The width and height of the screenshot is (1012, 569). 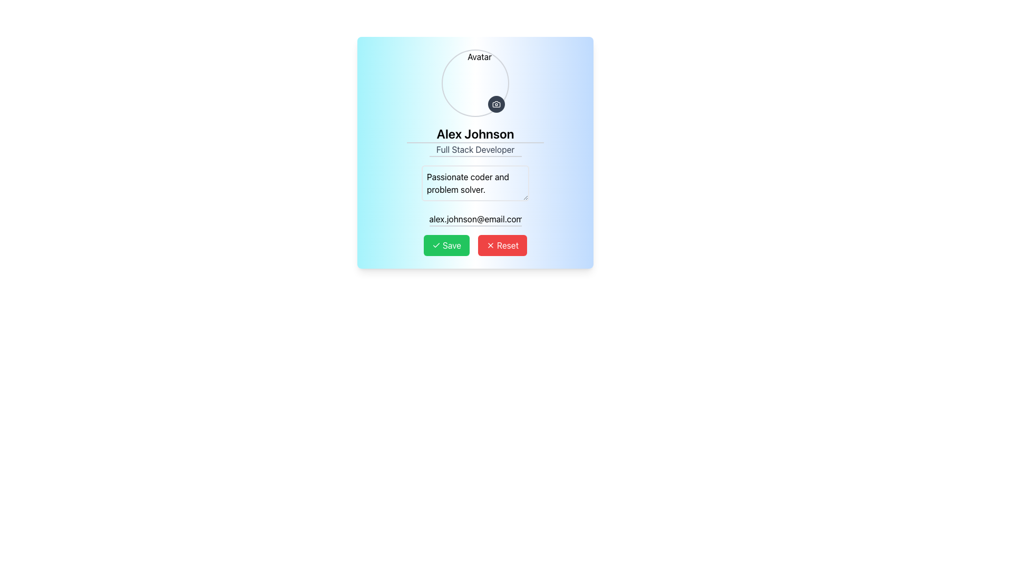 What do you see at coordinates (475, 133) in the screenshot?
I see `the text label that serves as a header or title indicating the name associated with the profile, located centrally within the form structure` at bounding box center [475, 133].